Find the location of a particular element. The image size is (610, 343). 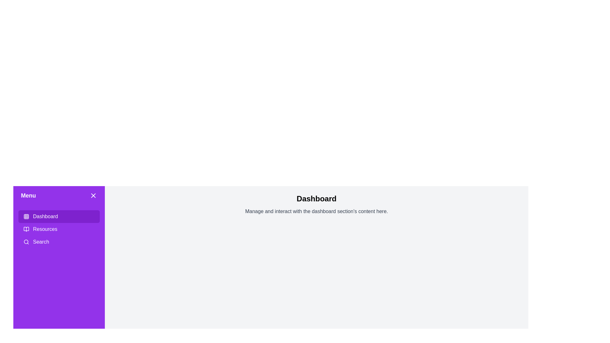

the Navigation section in the sidebar menu is located at coordinates (59, 229).